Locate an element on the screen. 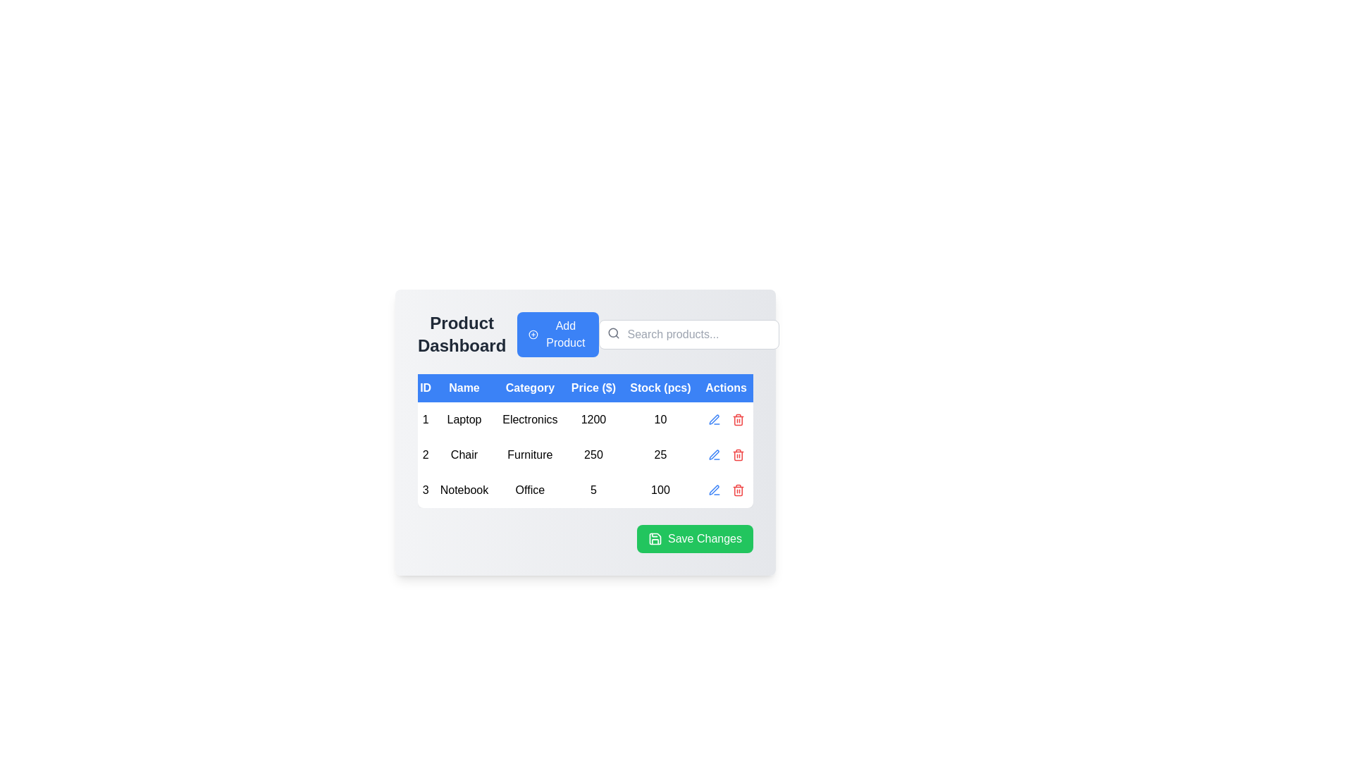 The height and width of the screenshot is (761, 1353). the Pen icon in the Actions column of the third row of the Product Dashboard is located at coordinates (714, 489).